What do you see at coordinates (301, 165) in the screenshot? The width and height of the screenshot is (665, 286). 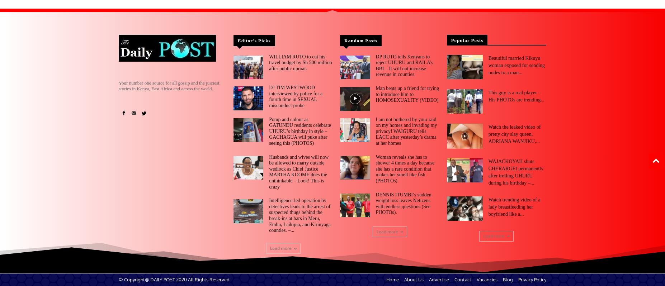 I see `'Husbands and wives will now be allowed to marry outside wedlock as Chief Justice MARTHA KOOME does the unthinkable – Look! This is crazy'` at bounding box center [301, 165].